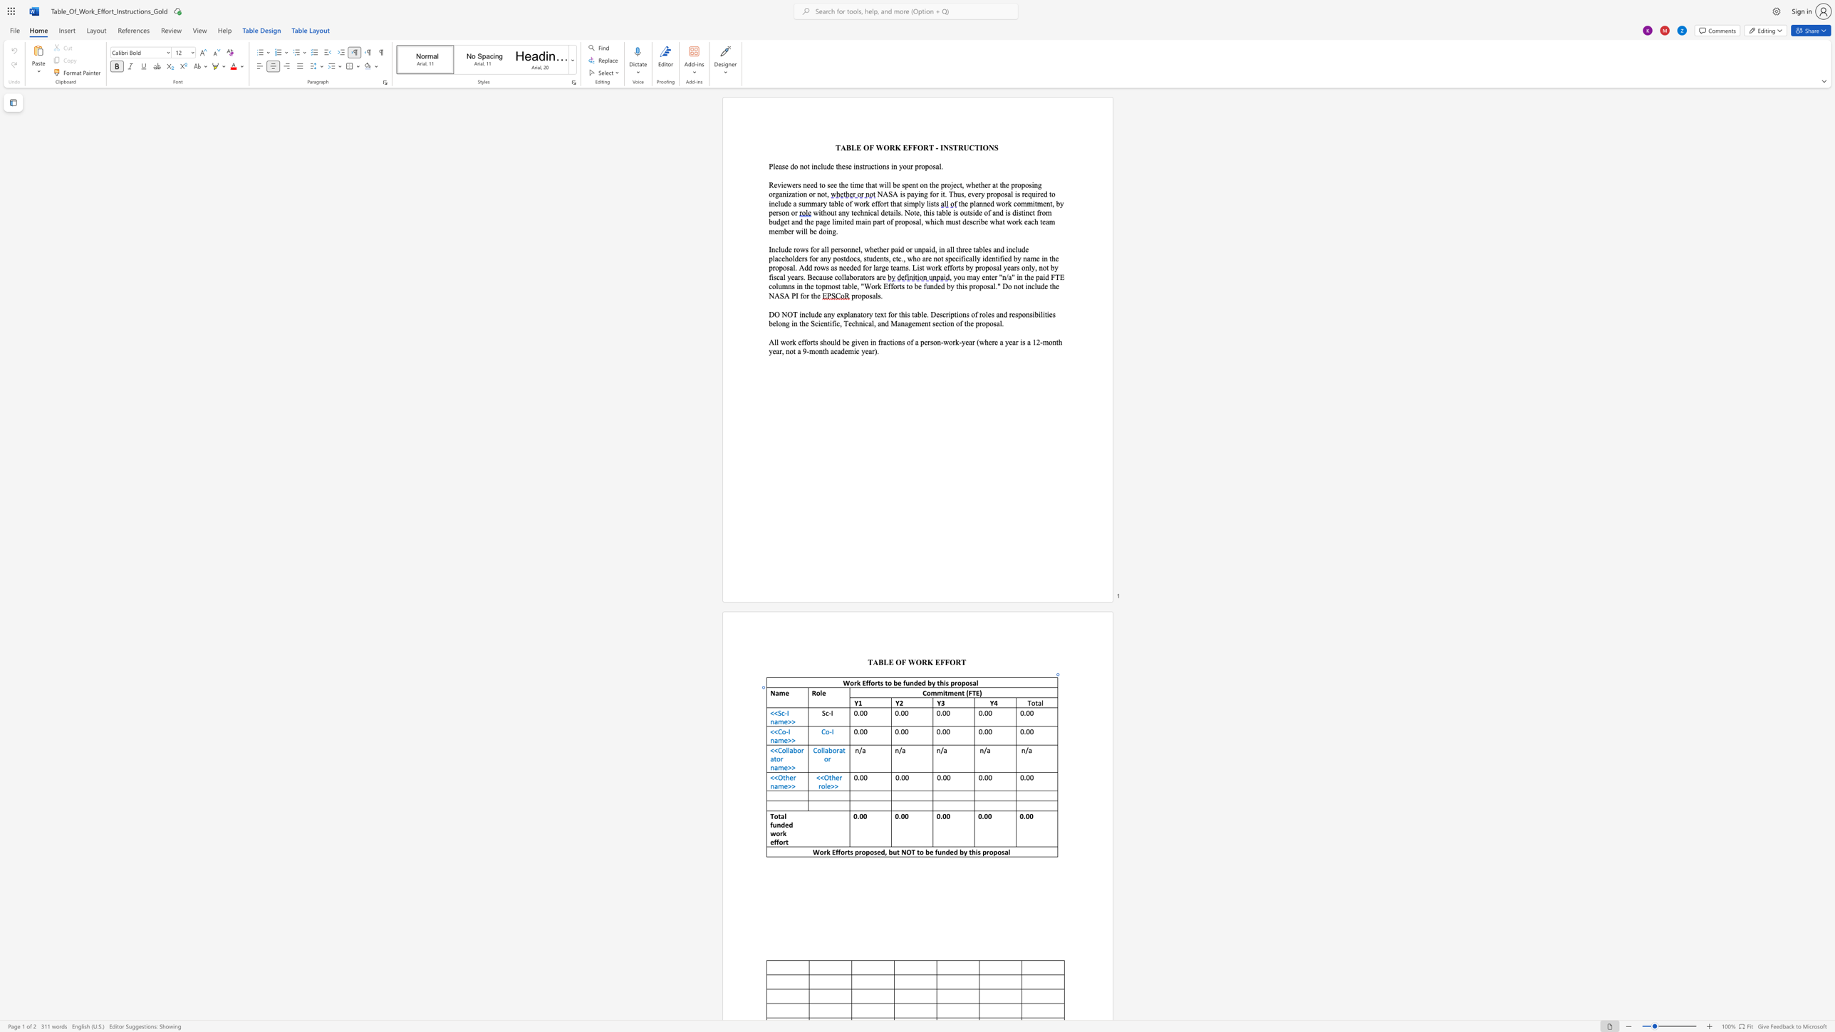 The width and height of the screenshot is (1835, 1032). Describe the element at coordinates (928, 692) in the screenshot. I see `the 1th character "o" in the text` at that location.